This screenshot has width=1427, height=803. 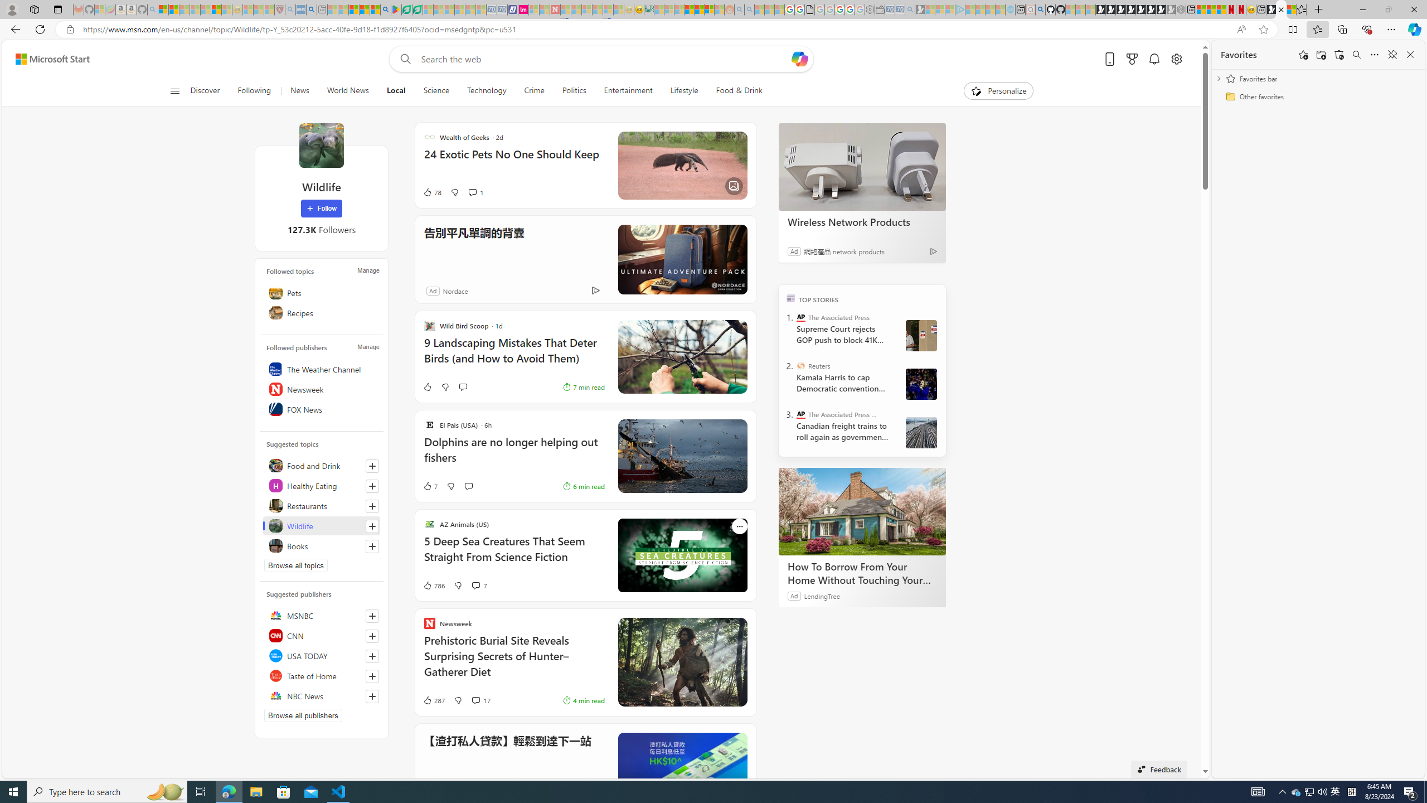 What do you see at coordinates (1281, 9) in the screenshot?
I see `'Wildlife - MSN'` at bounding box center [1281, 9].